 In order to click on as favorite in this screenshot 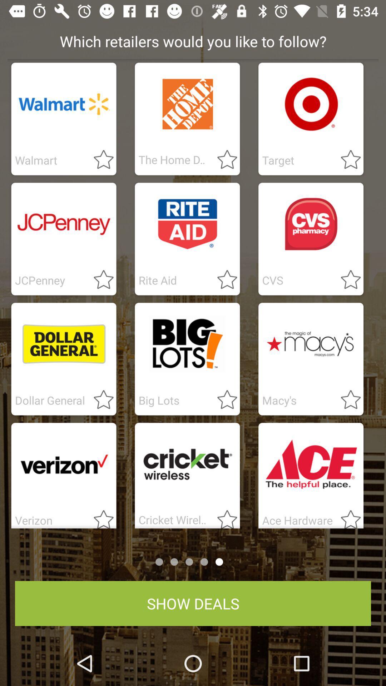, I will do `click(223, 517)`.